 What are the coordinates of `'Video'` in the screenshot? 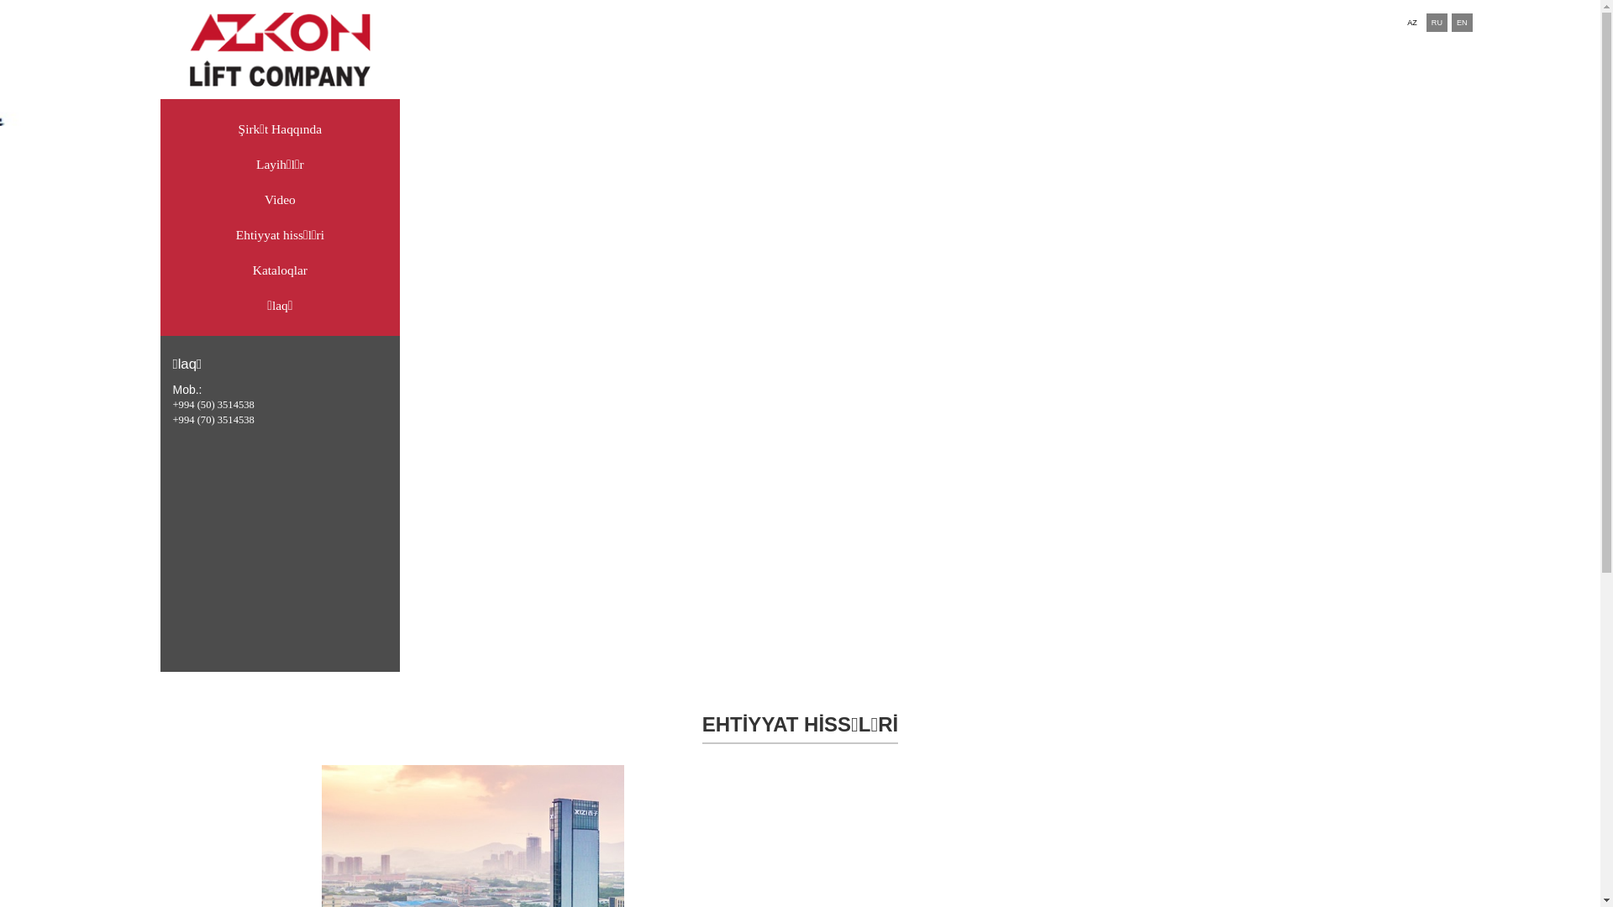 It's located at (280, 200).